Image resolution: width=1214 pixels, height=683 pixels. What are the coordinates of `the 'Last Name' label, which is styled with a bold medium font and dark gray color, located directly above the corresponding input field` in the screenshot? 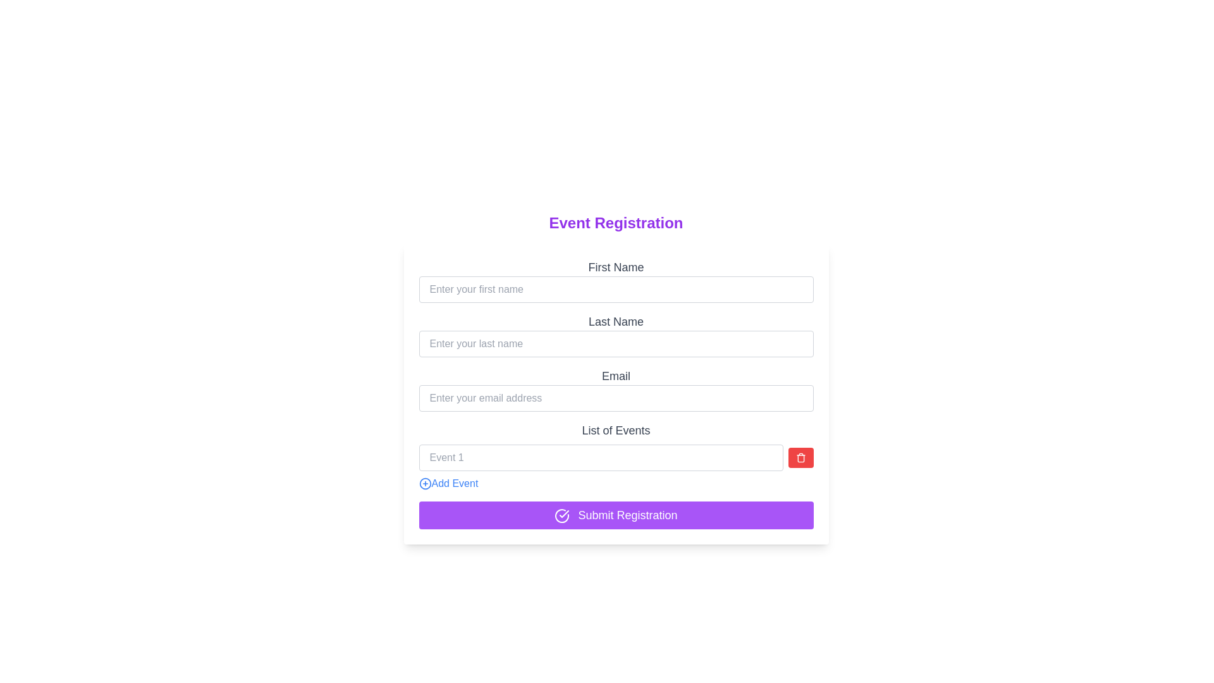 It's located at (616, 321).